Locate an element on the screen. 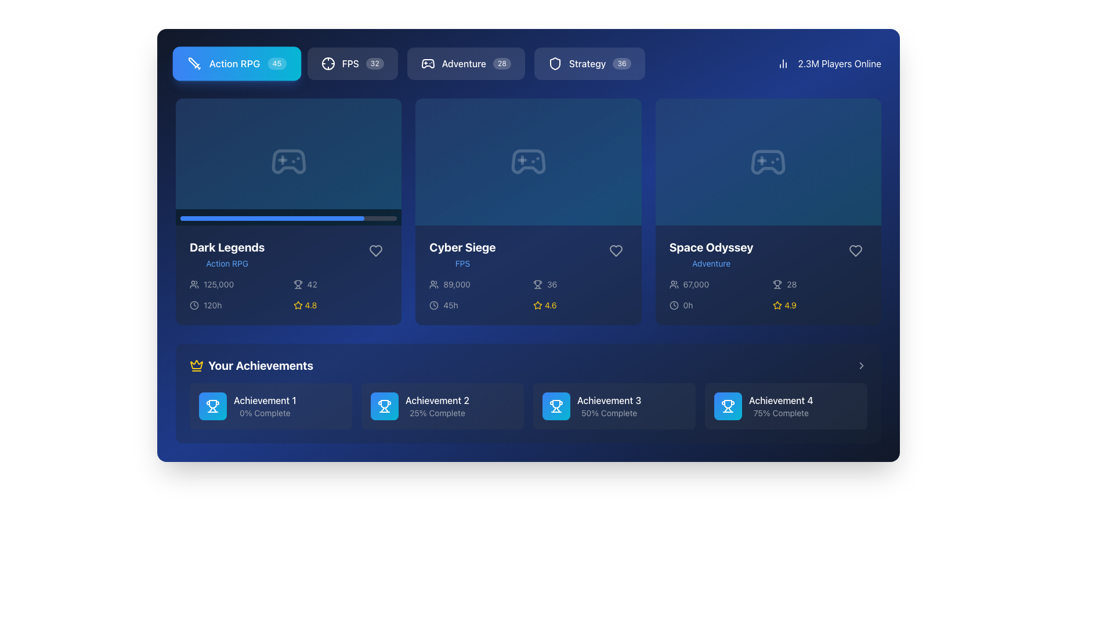  the 'FPS' button, the second button from the left in a horizontal list of four buttons at the top center of the layout is located at coordinates (352, 64).